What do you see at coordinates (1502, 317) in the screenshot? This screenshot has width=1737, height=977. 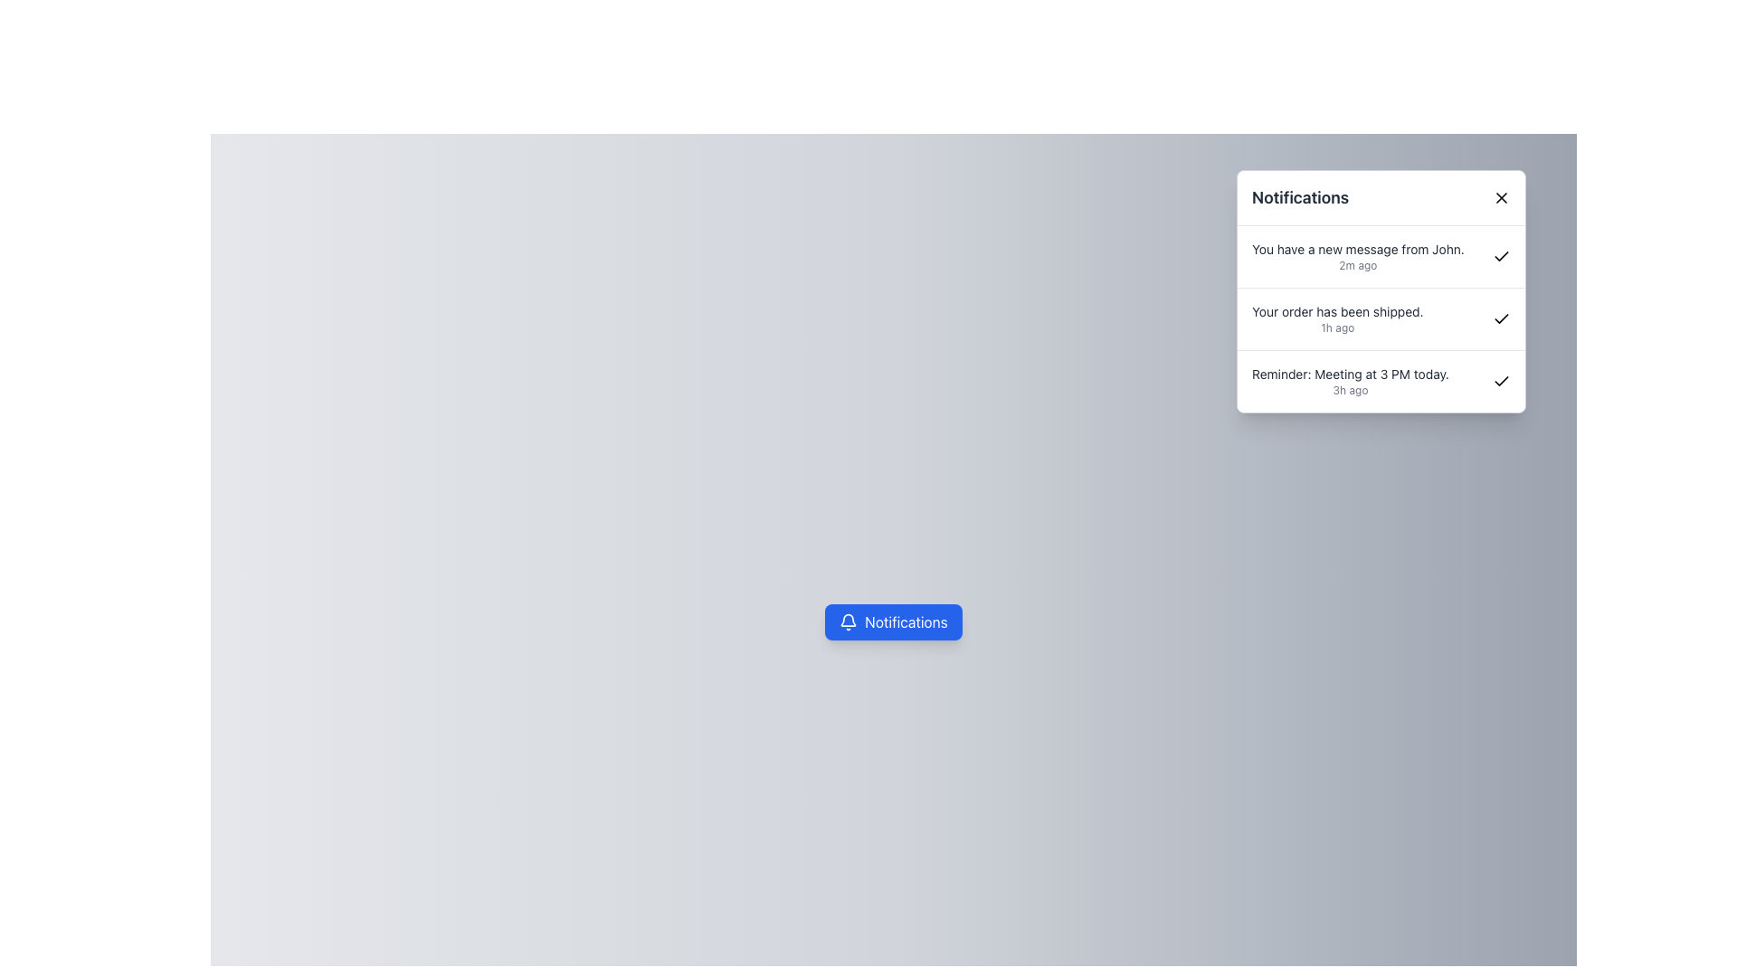 I see `the checkmark icon associated with the notification 'Reminder: Meeting at 3 PM today.'` at bounding box center [1502, 317].